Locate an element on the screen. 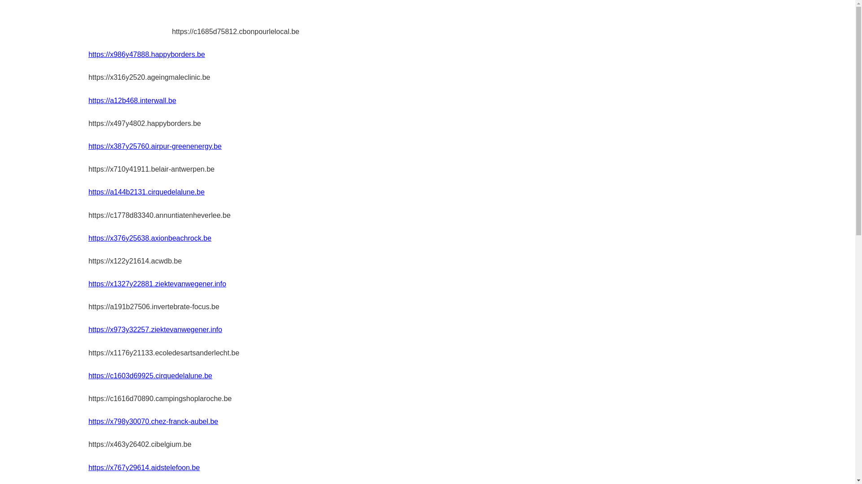  'https://x973y32257.ziektevanwegener.info' is located at coordinates (155, 329).